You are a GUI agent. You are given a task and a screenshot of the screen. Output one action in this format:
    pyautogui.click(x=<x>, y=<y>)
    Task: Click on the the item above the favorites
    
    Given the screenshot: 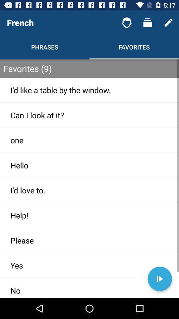 What is the action you would take?
    pyautogui.click(x=127, y=23)
    